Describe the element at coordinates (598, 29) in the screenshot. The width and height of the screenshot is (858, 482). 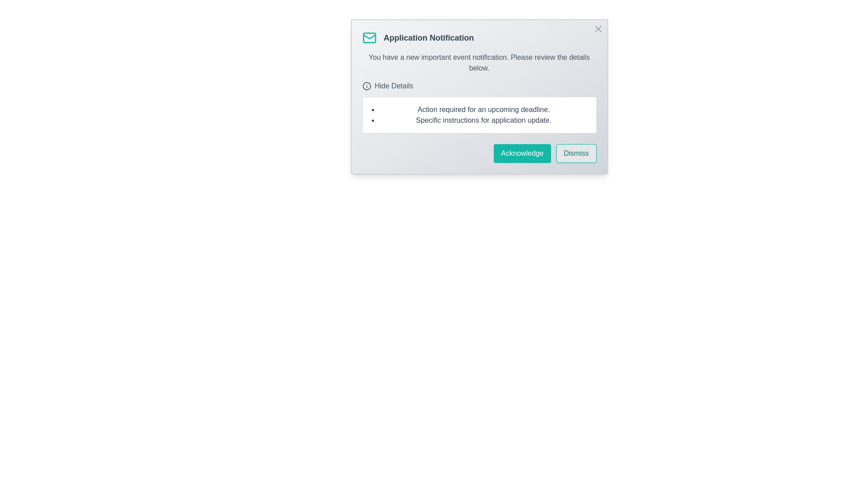
I see `the close button to dismiss the alert` at that location.